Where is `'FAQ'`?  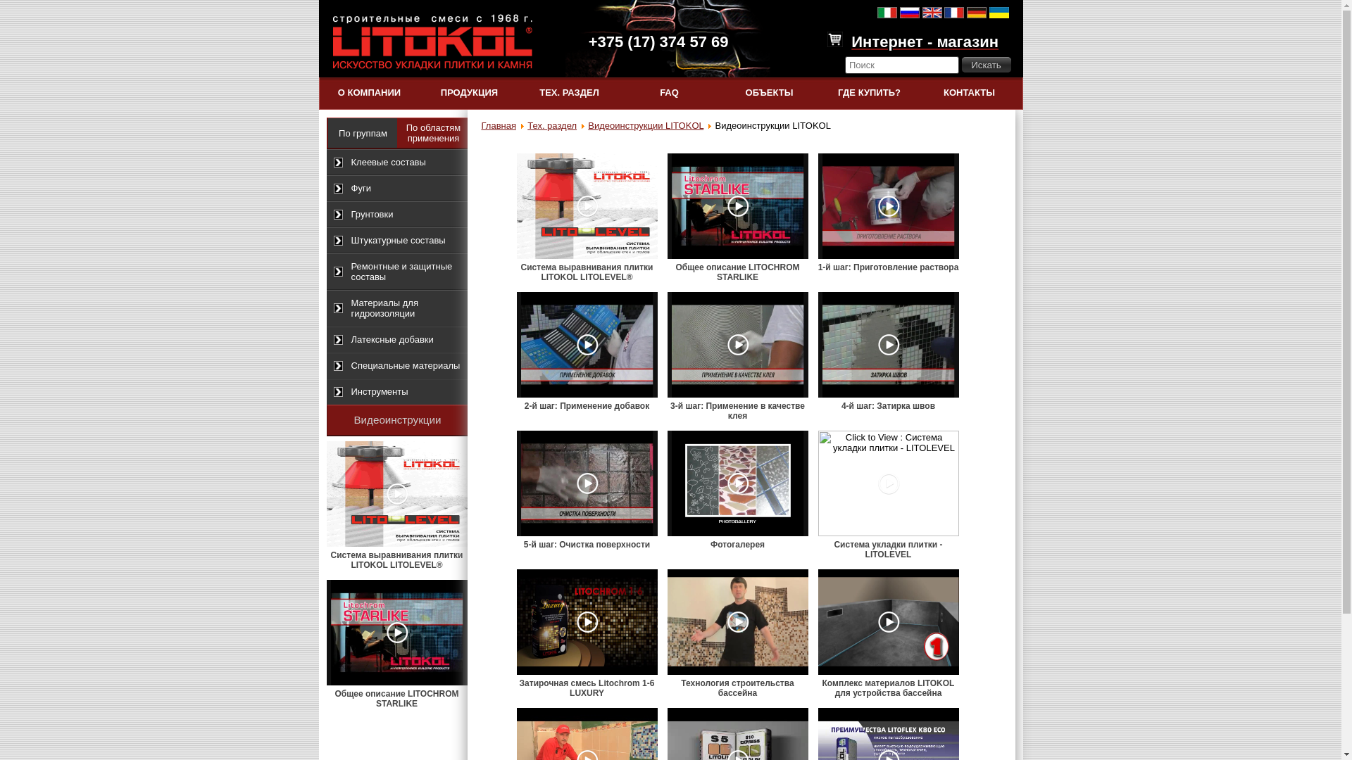
'FAQ' is located at coordinates (668, 92).